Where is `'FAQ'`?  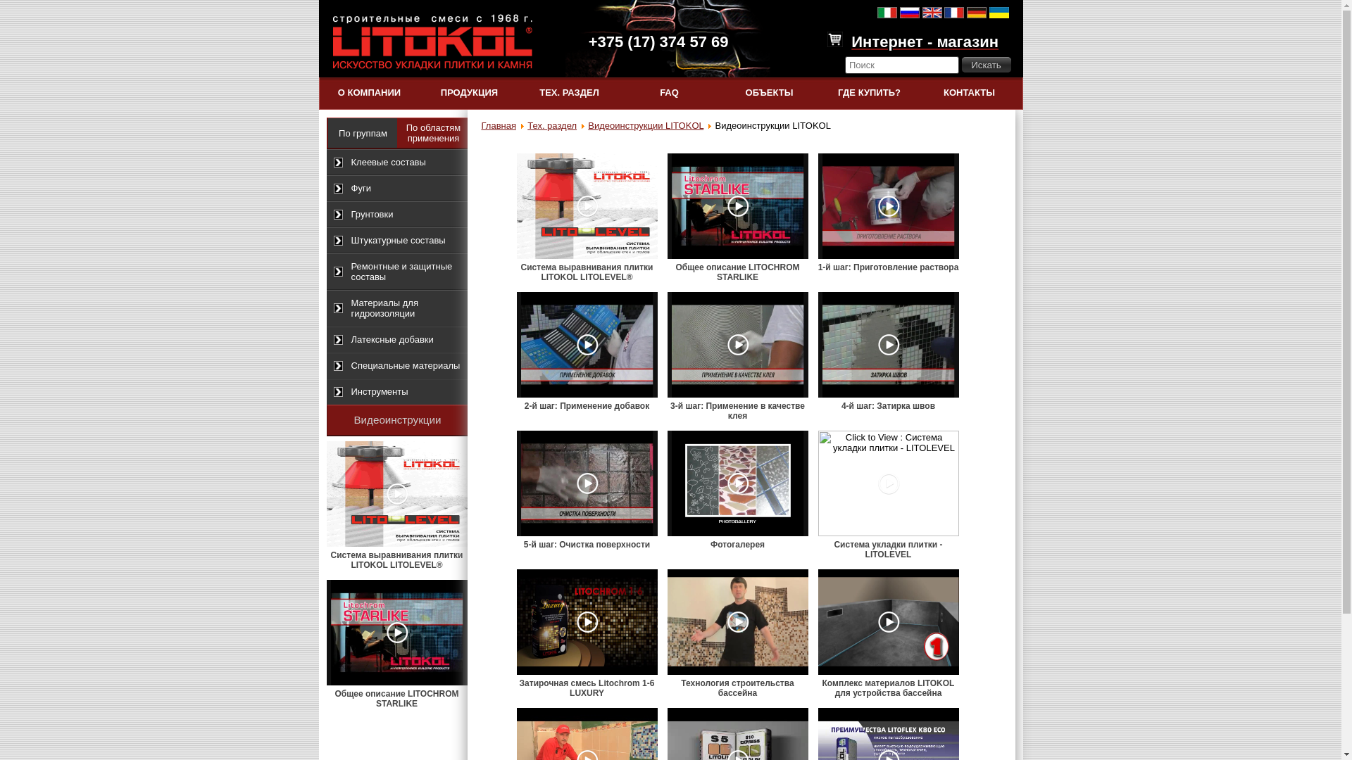
'FAQ' is located at coordinates (668, 92).